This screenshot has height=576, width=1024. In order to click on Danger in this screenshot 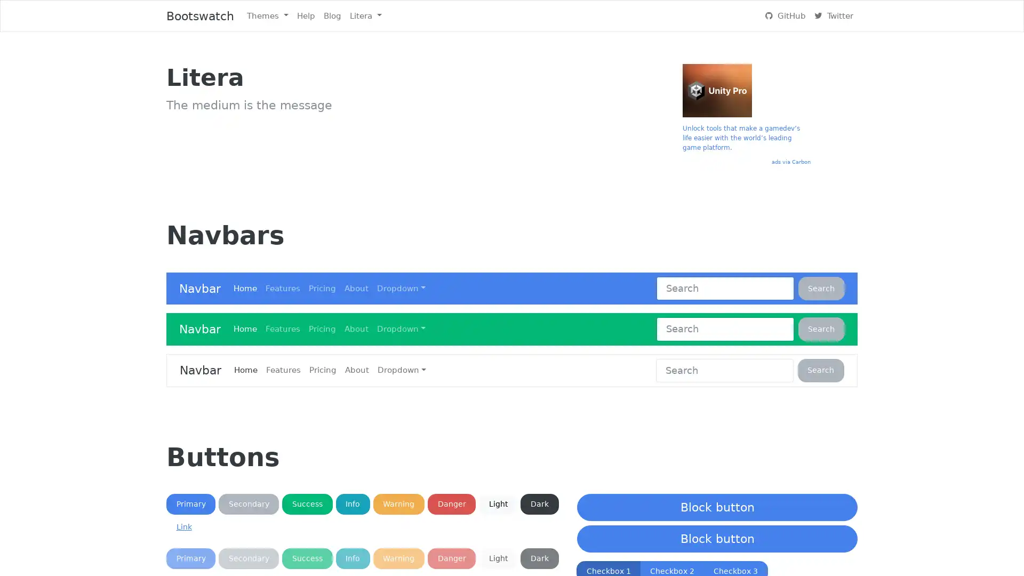, I will do `click(451, 504)`.